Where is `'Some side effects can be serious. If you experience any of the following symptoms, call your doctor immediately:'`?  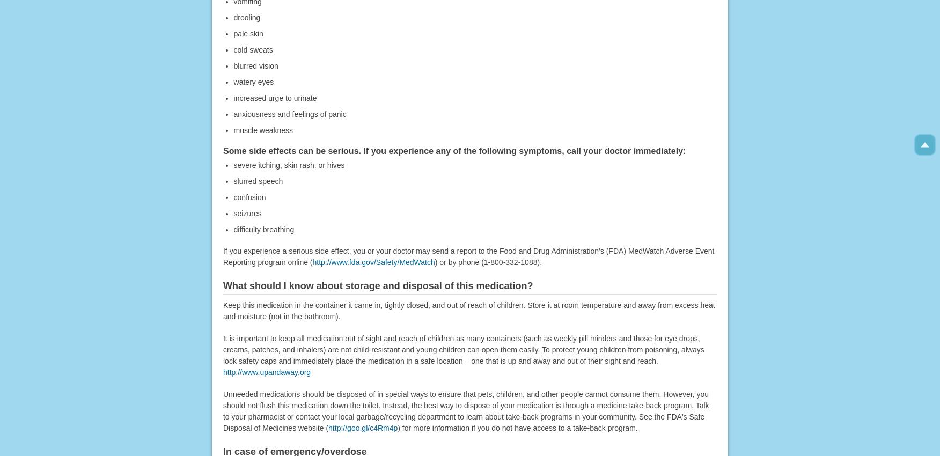 'Some side effects can be serious. If you experience any of the following symptoms, call your doctor immediately:' is located at coordinates (453, 150).